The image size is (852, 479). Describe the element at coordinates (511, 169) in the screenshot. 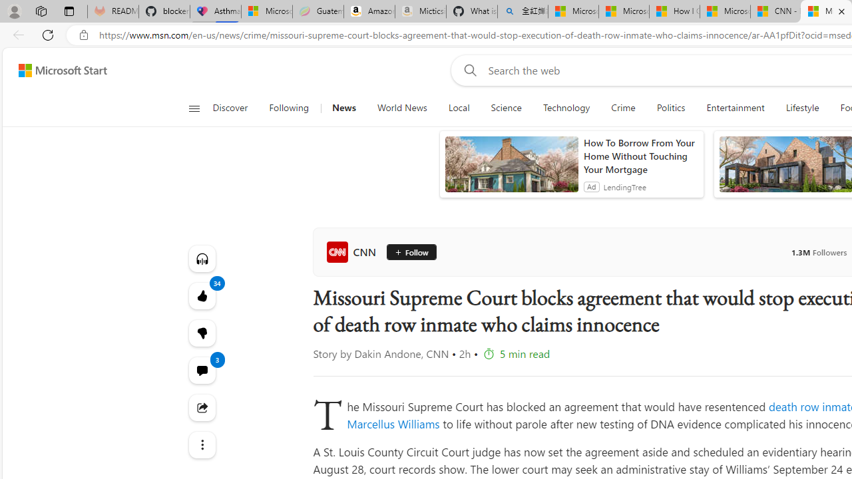

I see `'anim-content'` at that location.